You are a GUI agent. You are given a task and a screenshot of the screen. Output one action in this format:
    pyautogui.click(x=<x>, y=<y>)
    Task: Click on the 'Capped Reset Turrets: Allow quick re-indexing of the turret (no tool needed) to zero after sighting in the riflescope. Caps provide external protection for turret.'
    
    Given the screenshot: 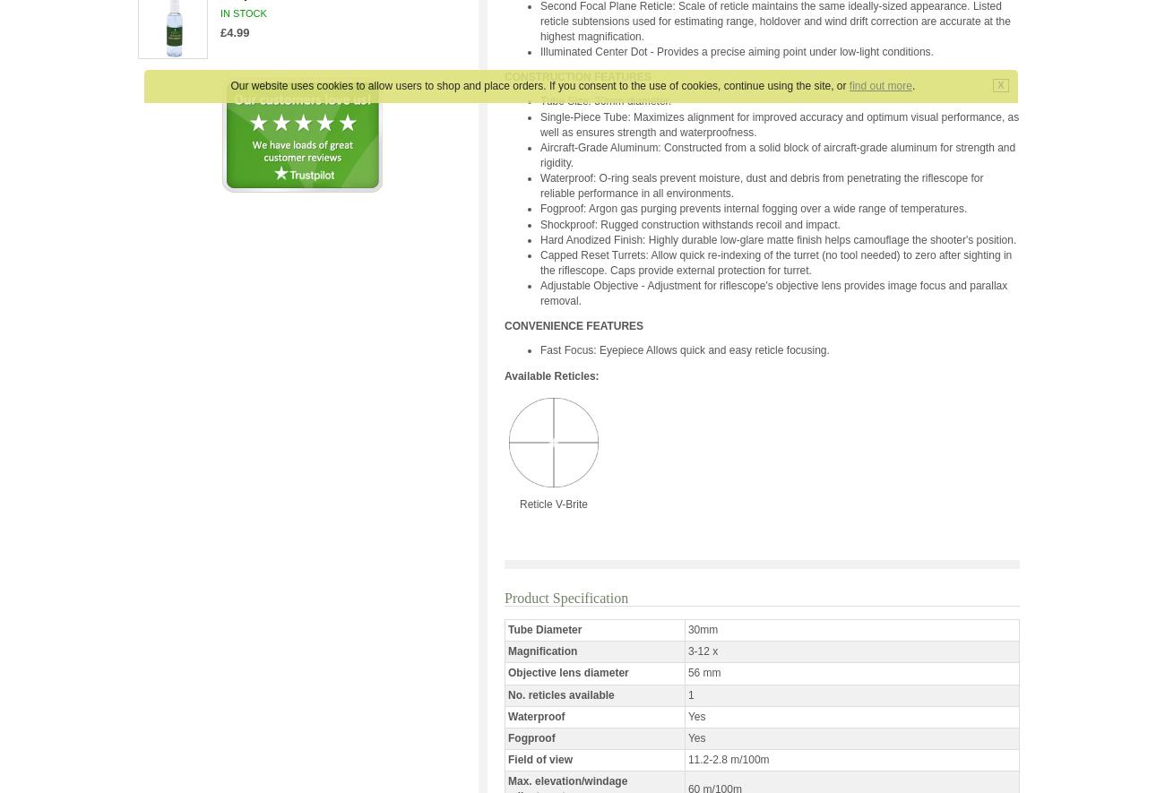 What is the action you would take?
    pyautogui.click(x=776, y=261)
    